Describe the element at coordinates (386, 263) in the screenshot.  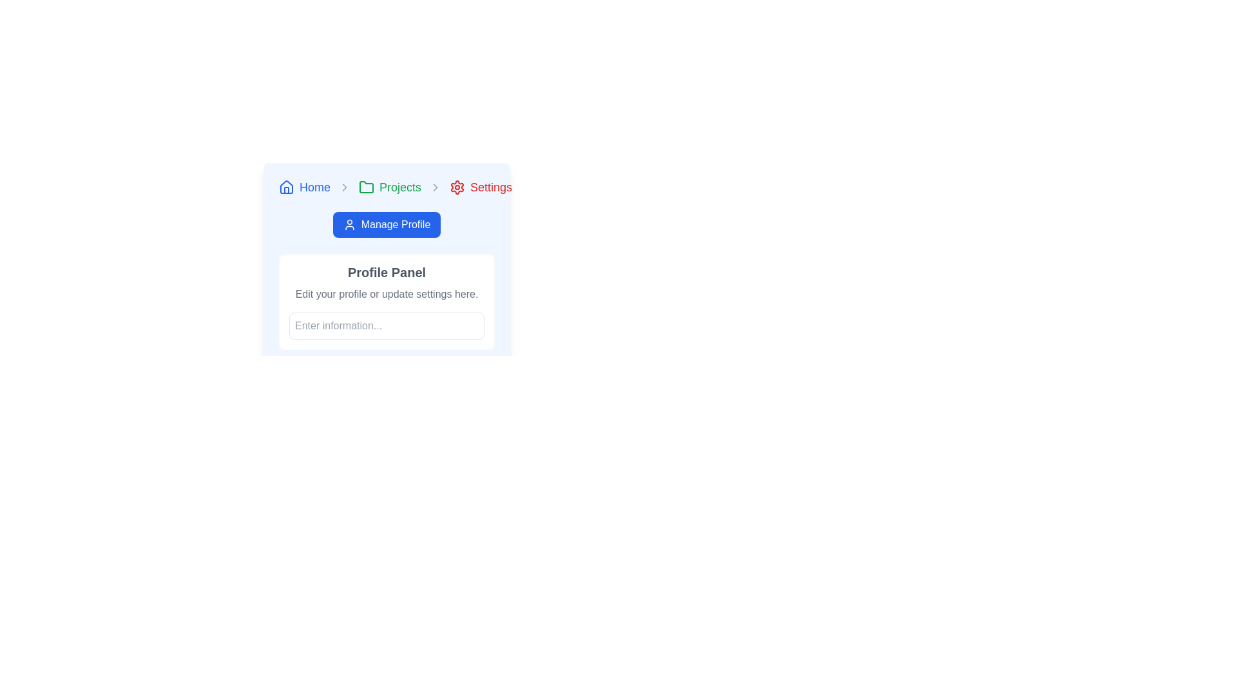
I see `the 'Manage Profile' button above the 'Profile Panel' informational panel` at that location.